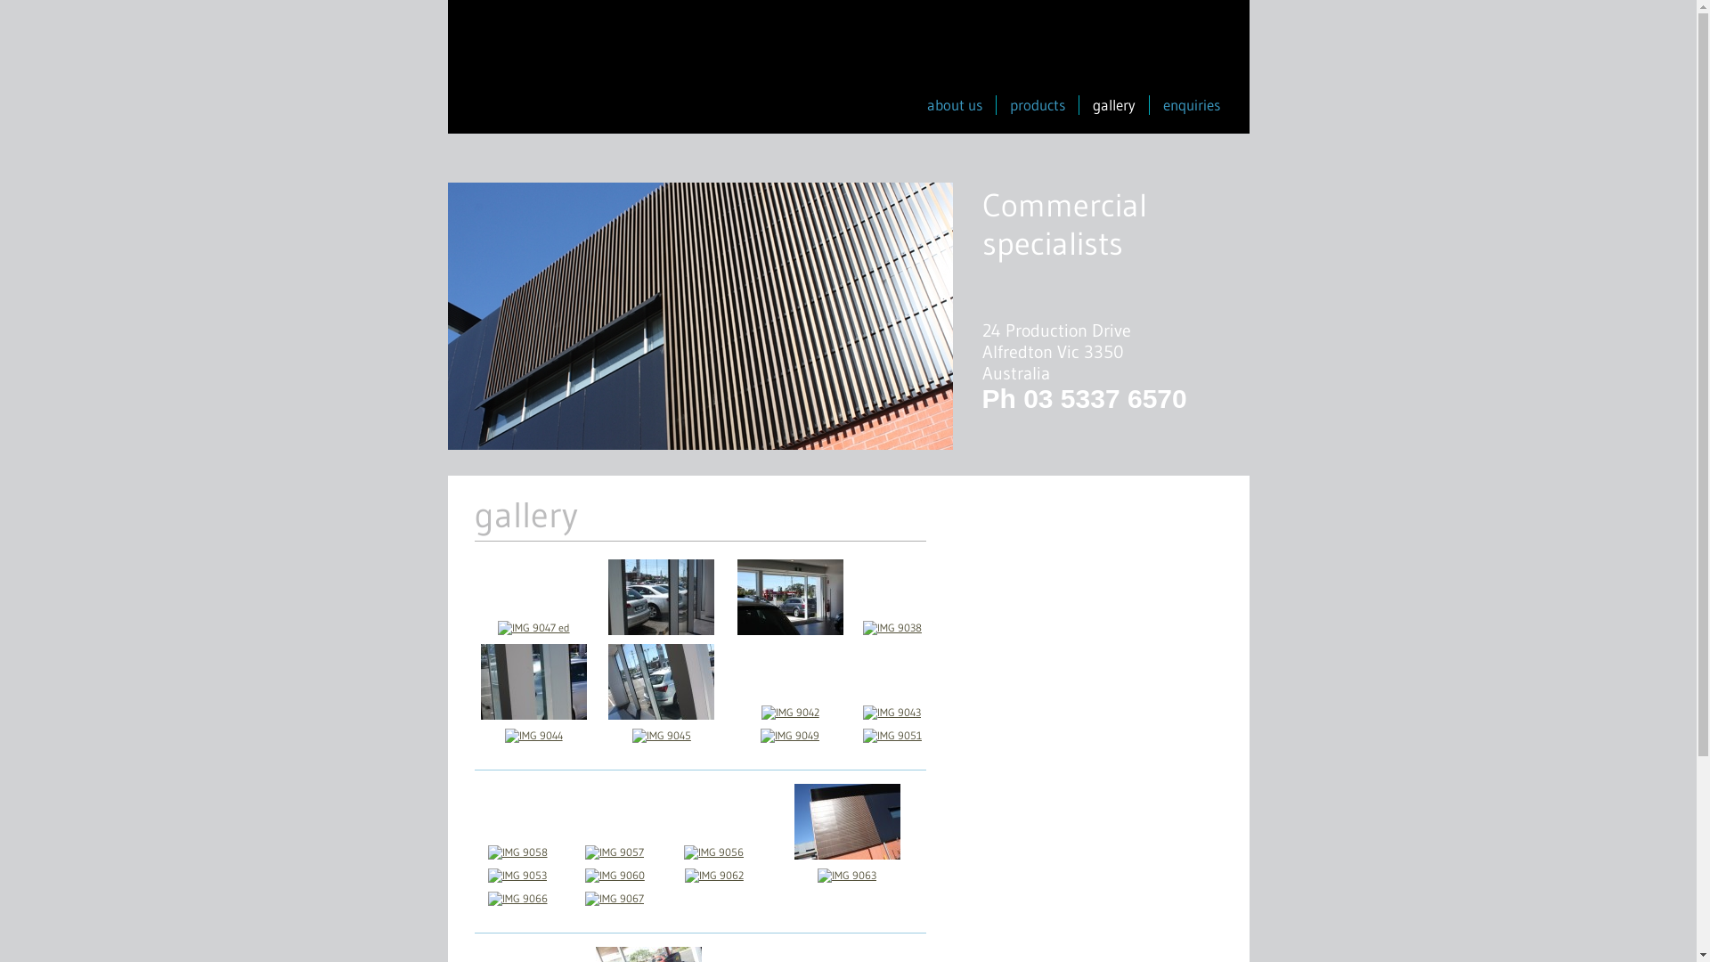 The height and width of the screenshot is (962, 1710). I want to click on 'IMG 9057', so click(615, 852).